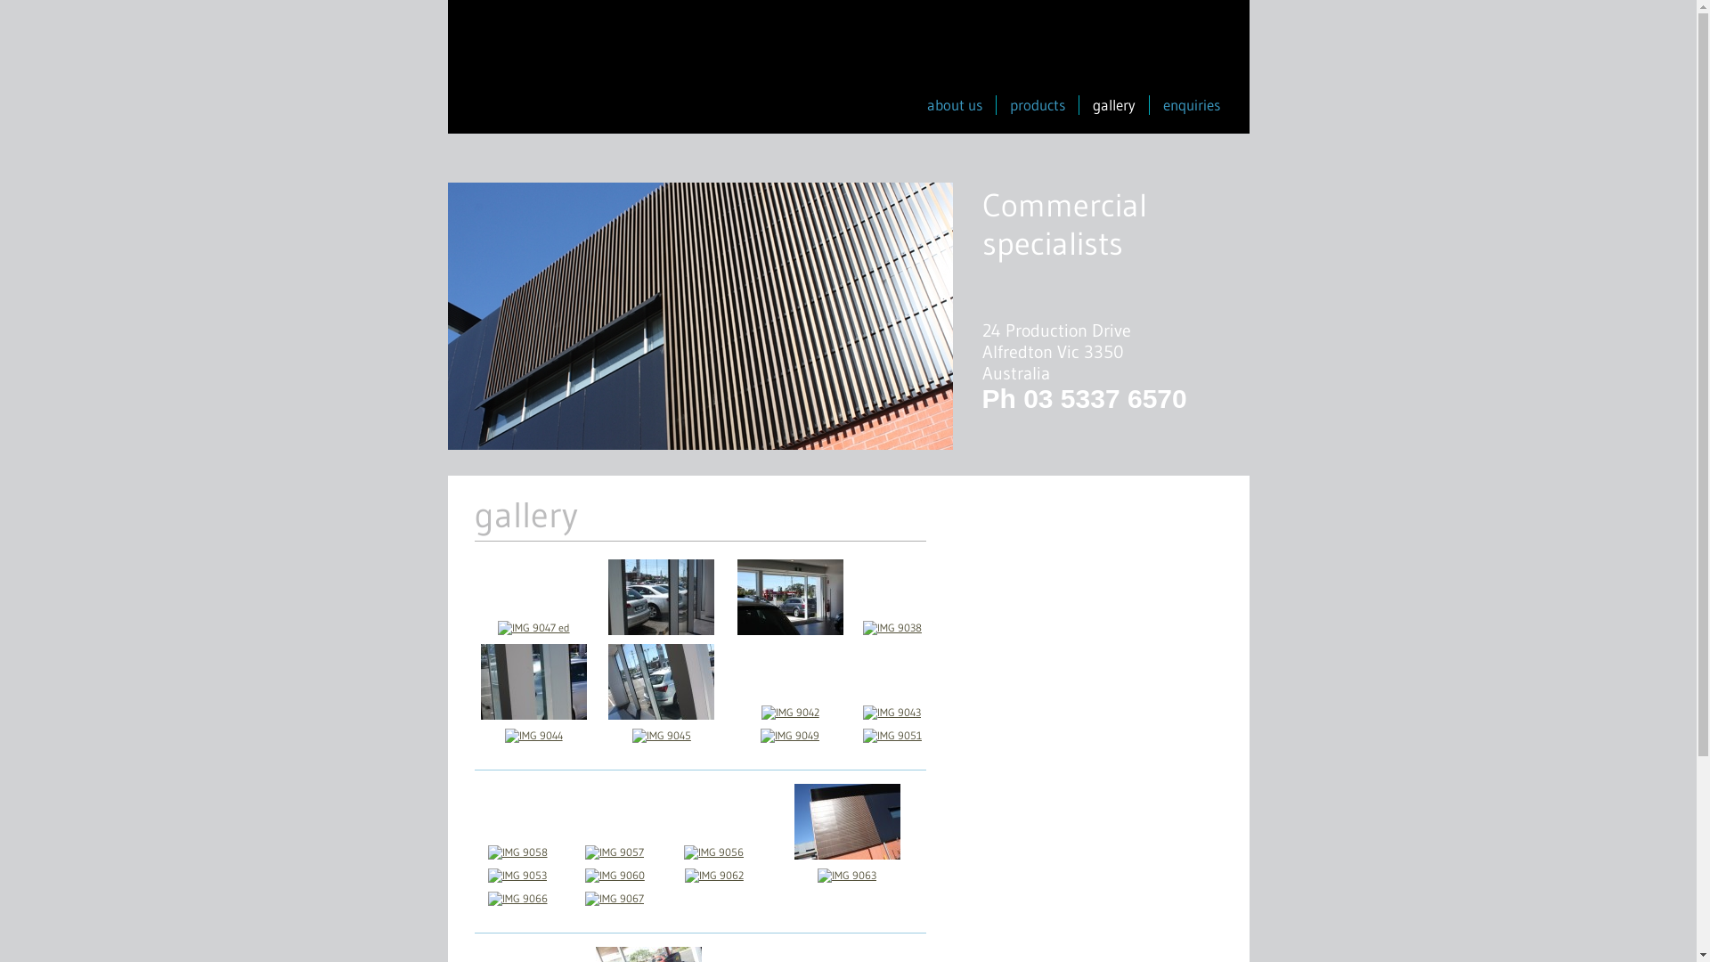 The height and width of the screenshot is (962, 1710). I want to click on 'IMG 9057', so click(615, 852).